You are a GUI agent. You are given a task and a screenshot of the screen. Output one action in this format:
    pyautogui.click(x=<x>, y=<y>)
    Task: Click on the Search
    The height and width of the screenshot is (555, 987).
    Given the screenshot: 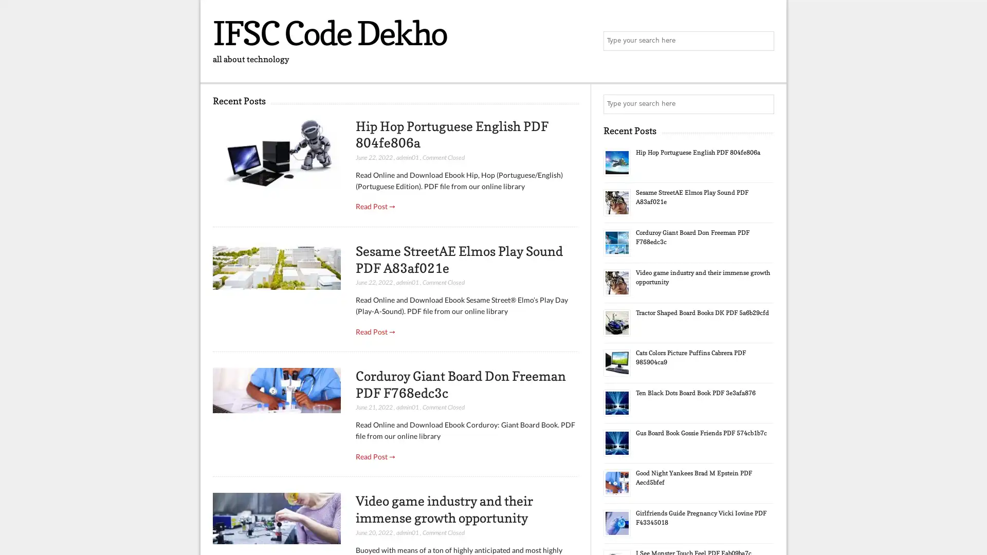 What is the action you would take?
    pyautogui.click(x=763, y=105)
    